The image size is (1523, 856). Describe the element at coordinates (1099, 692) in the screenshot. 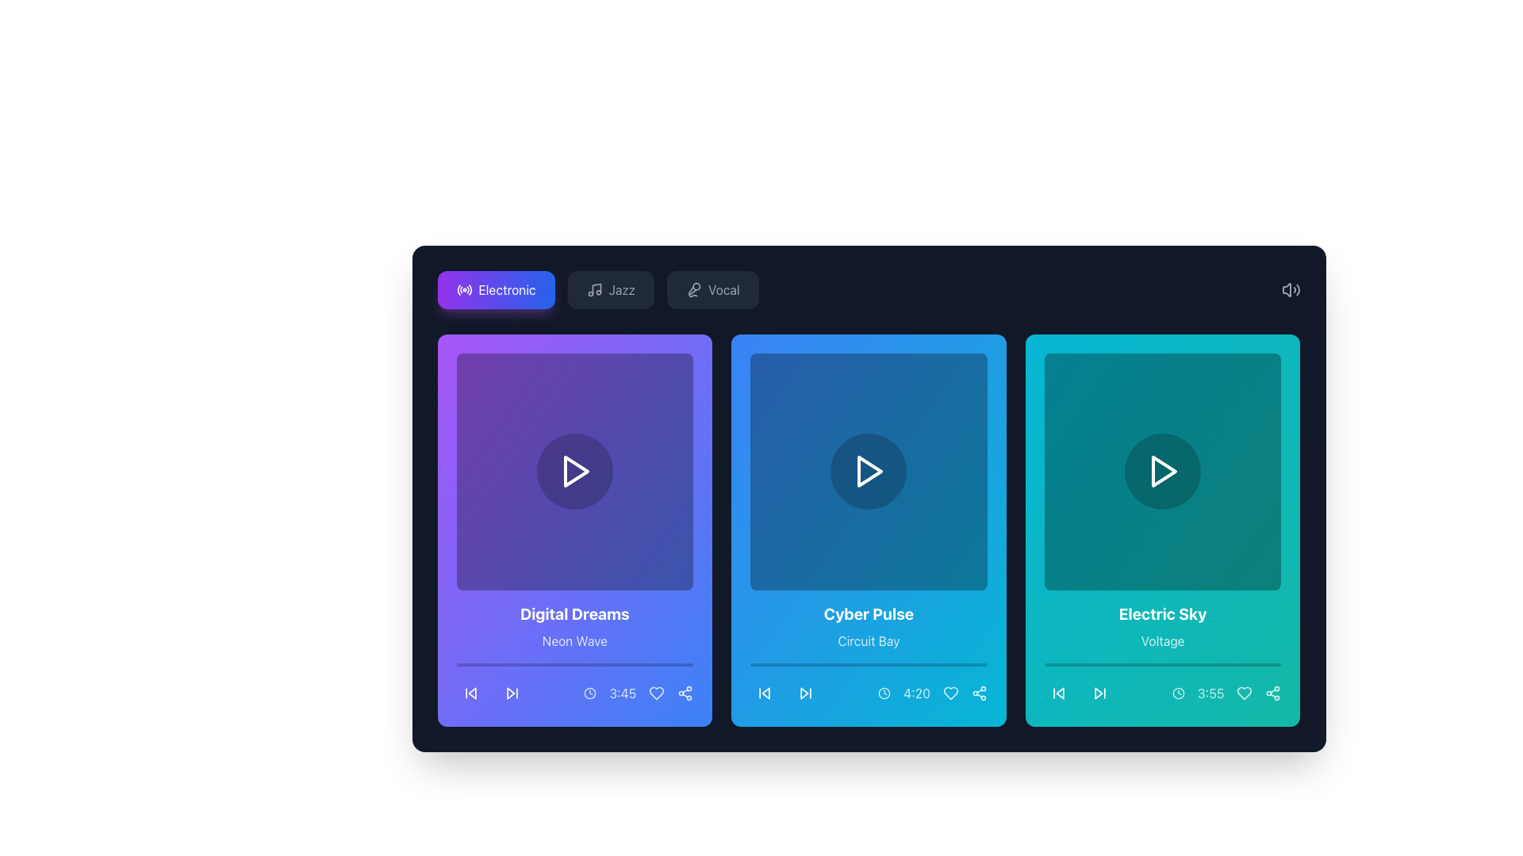

I see `the skip-forward button located towards the bottom-right of the 'Electric Sky' album card, which is the second button in the row of playback control buttons` at that location.